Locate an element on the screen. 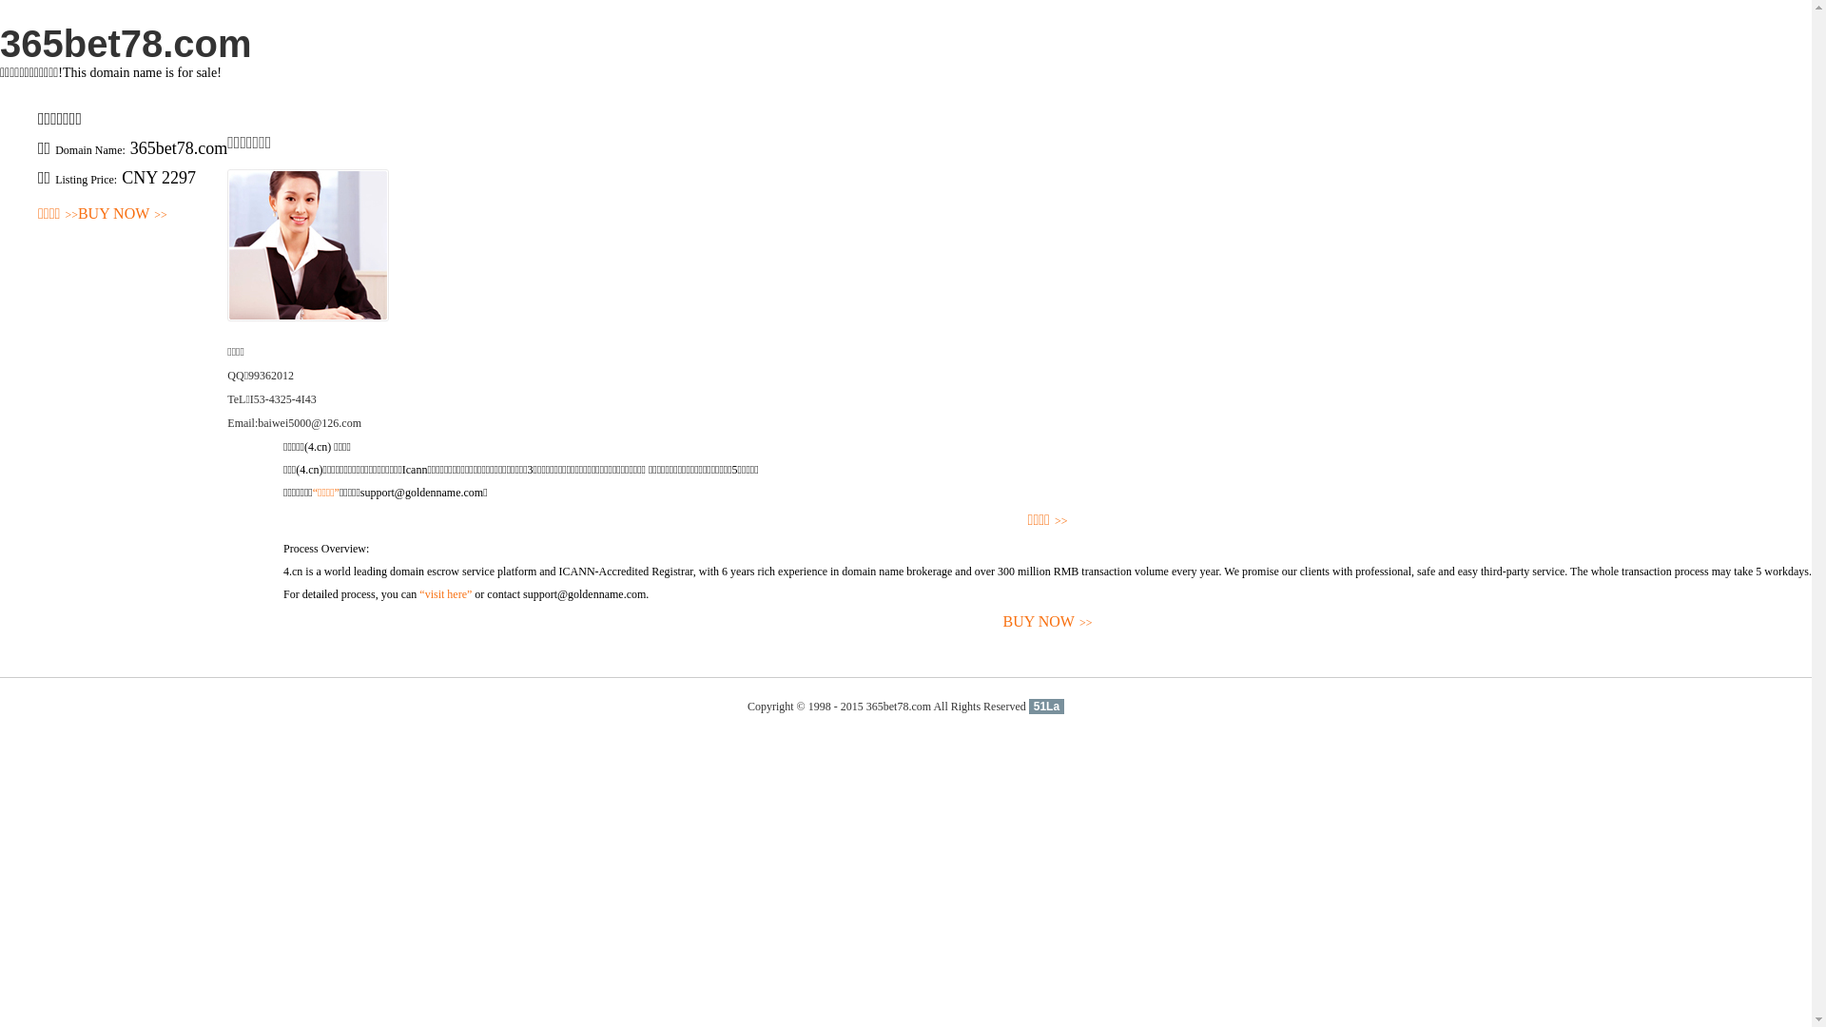  '51La' is located at coordinates (1045, 707).